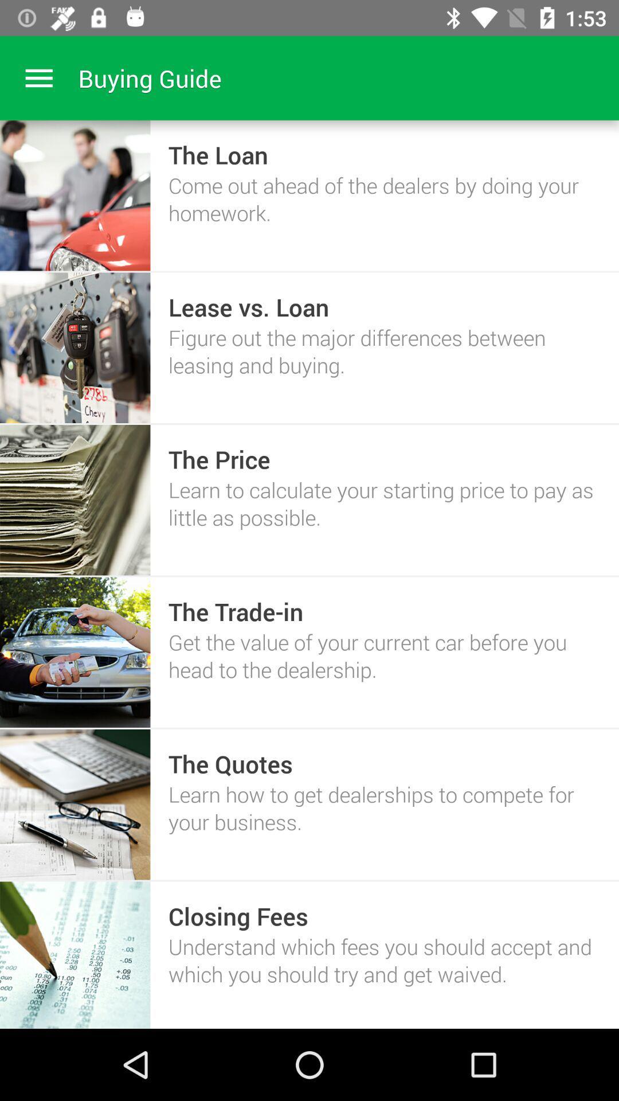  What do you see at coordinates (219, 459) in the screenshot?
I see `the item below figure out the item` at bounding box center [219, 459].